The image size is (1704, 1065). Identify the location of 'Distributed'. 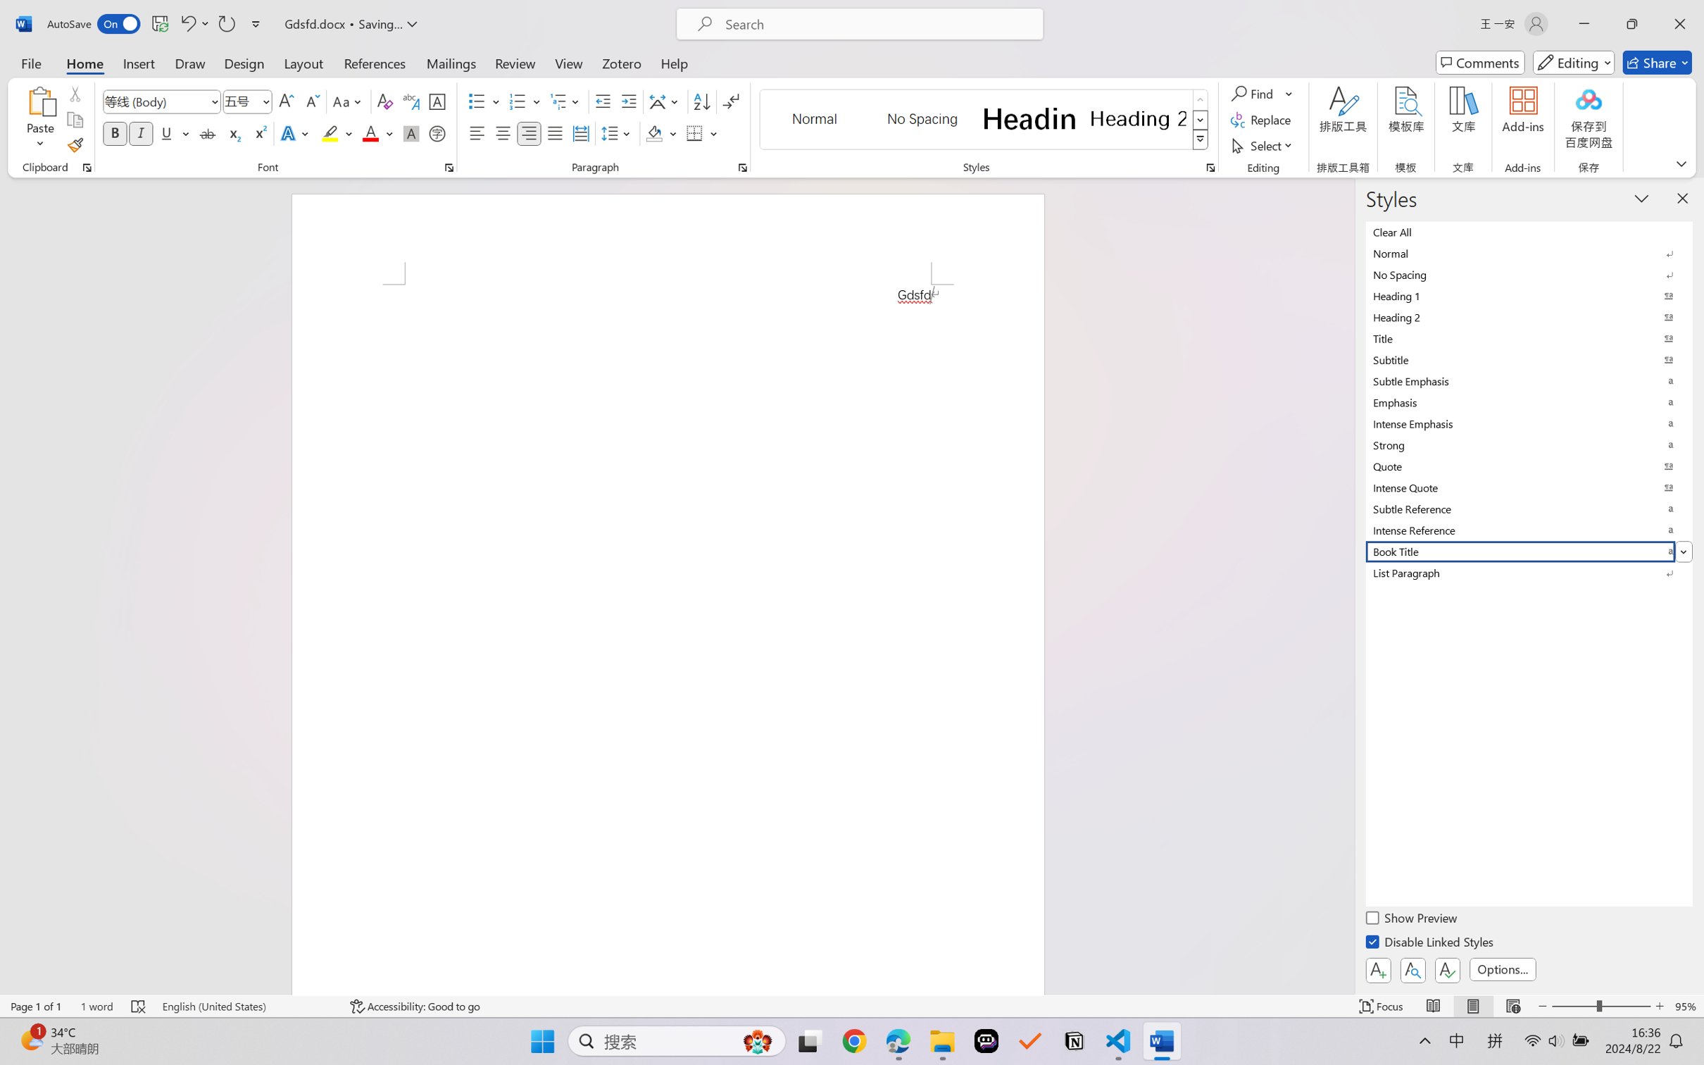
(580, 132).